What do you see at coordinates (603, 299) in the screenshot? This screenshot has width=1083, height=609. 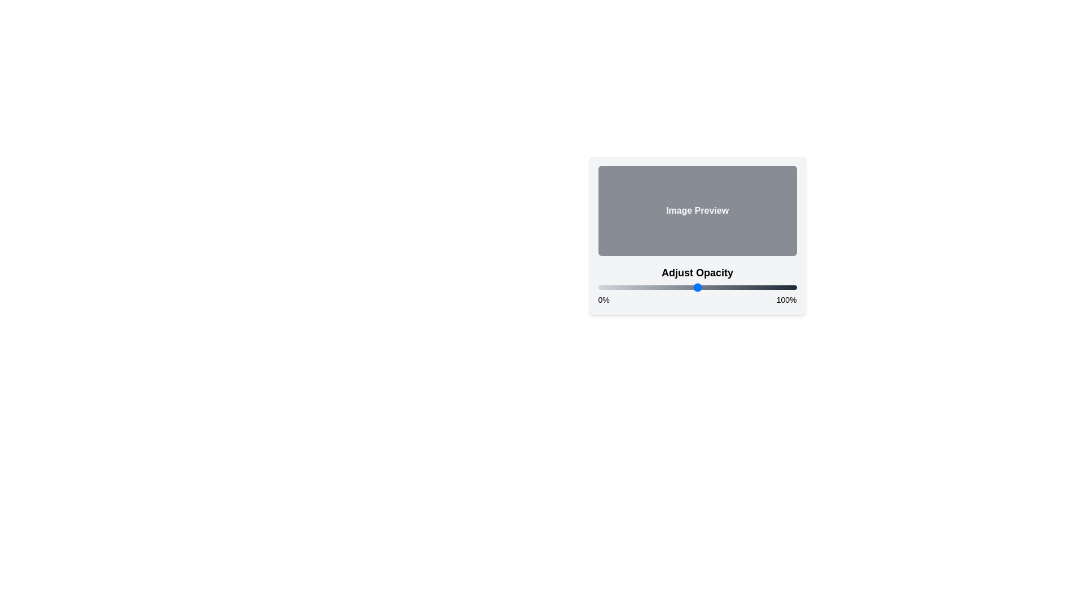 I see `the static text label displaying '0%' that is aligned with the starting point of the slider component` at bounding box center [603, 299].